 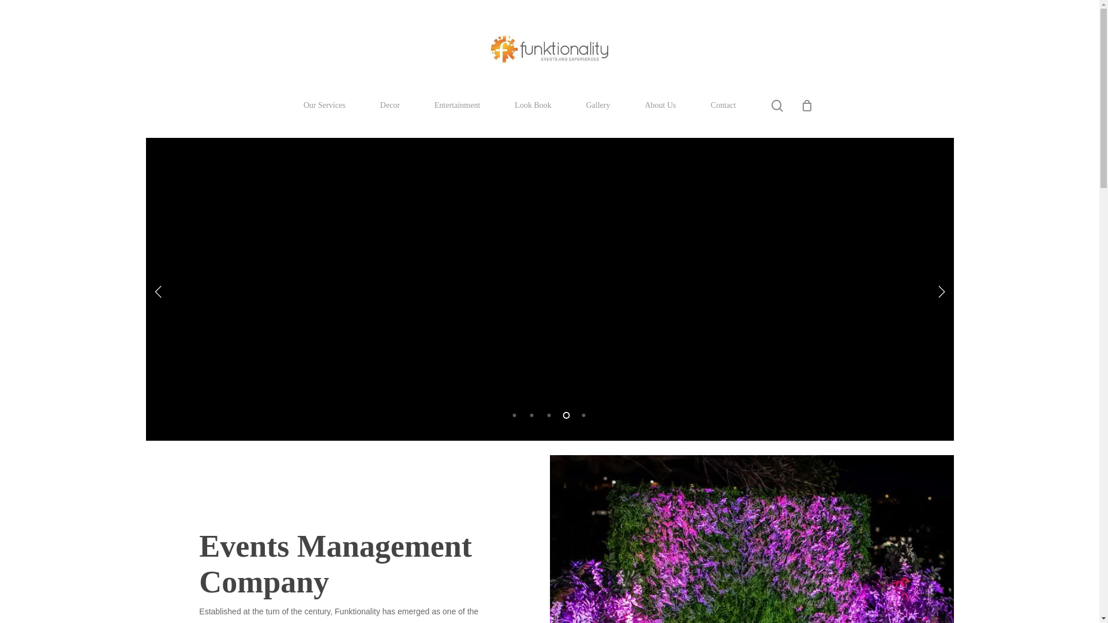 I want to click on 'Contact', so click(x=723, y=105).